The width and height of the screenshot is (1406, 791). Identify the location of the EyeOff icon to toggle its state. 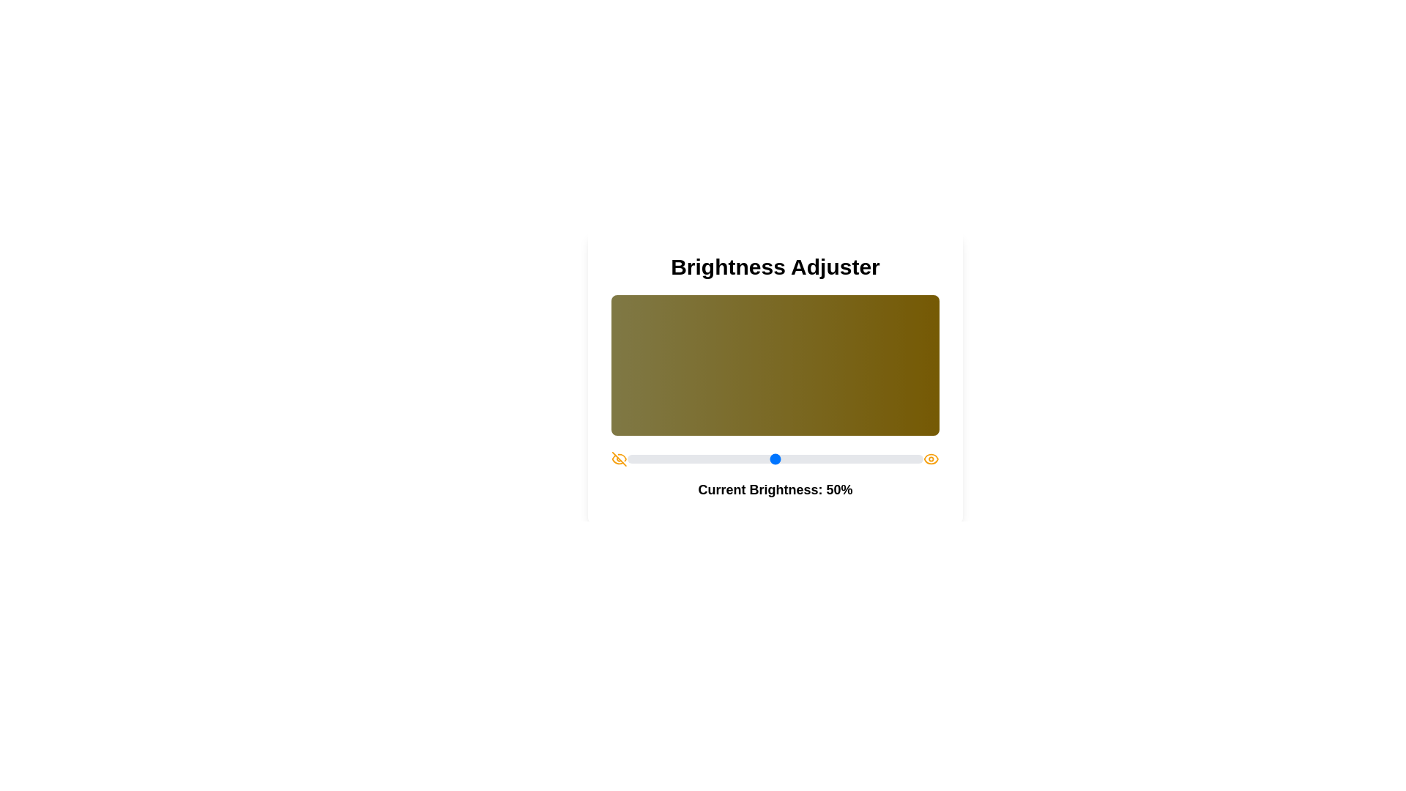
(619, 458).